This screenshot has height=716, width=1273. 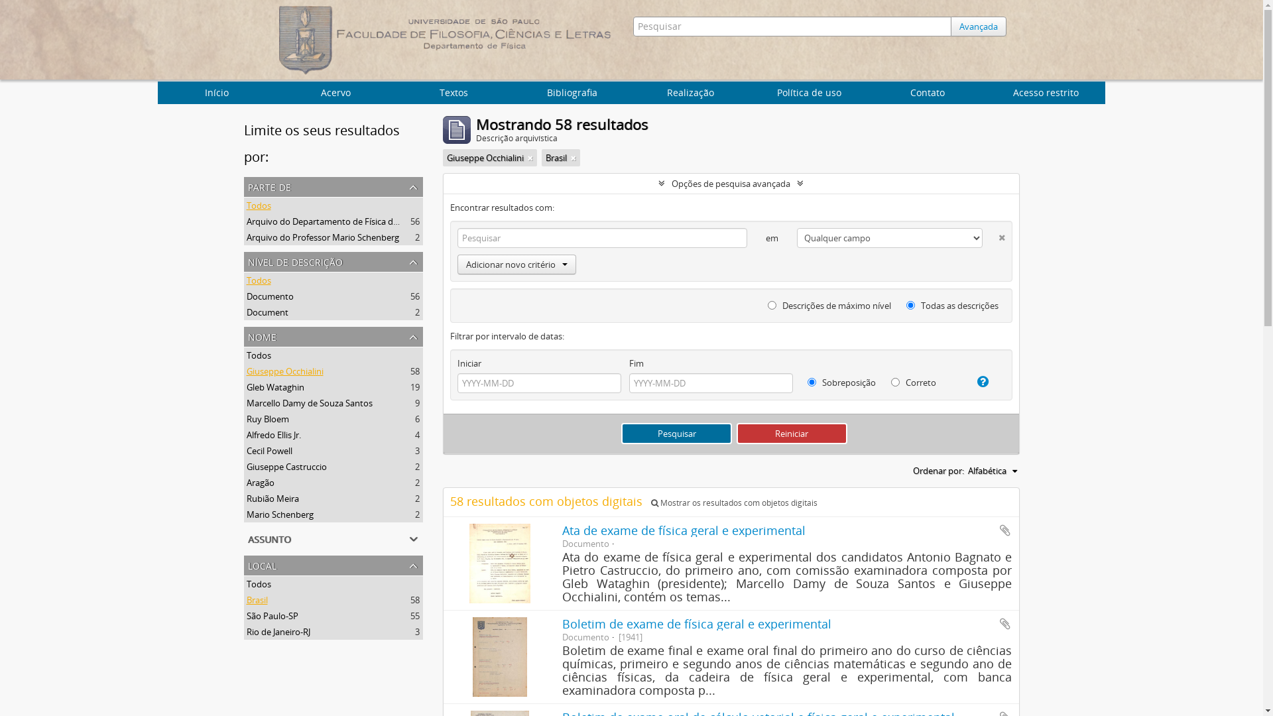 What do you see at coordinates (247, 296) in the screenshot?
I see `'Documento'` at bounding box center [247, 296].